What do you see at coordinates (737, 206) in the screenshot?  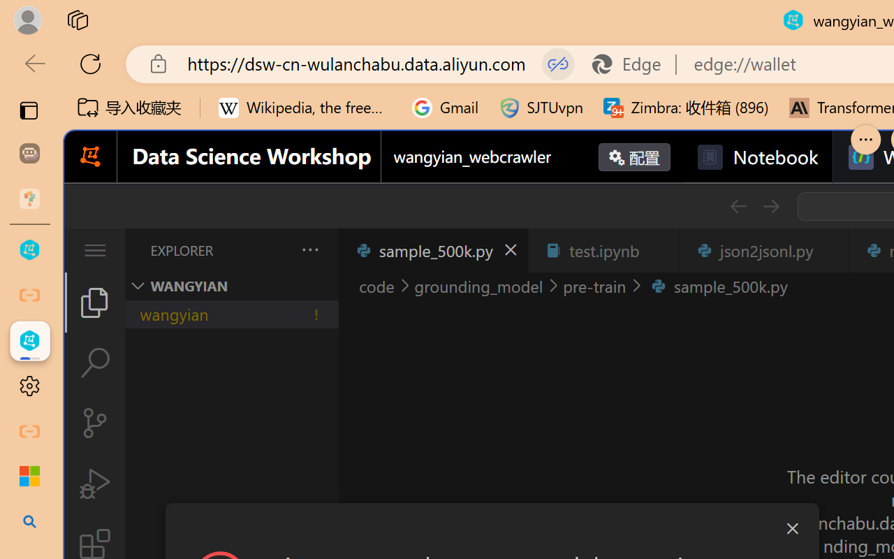 I see `'Go Back (Alt+LeftArrow)'` at bounding box center [737, 206].